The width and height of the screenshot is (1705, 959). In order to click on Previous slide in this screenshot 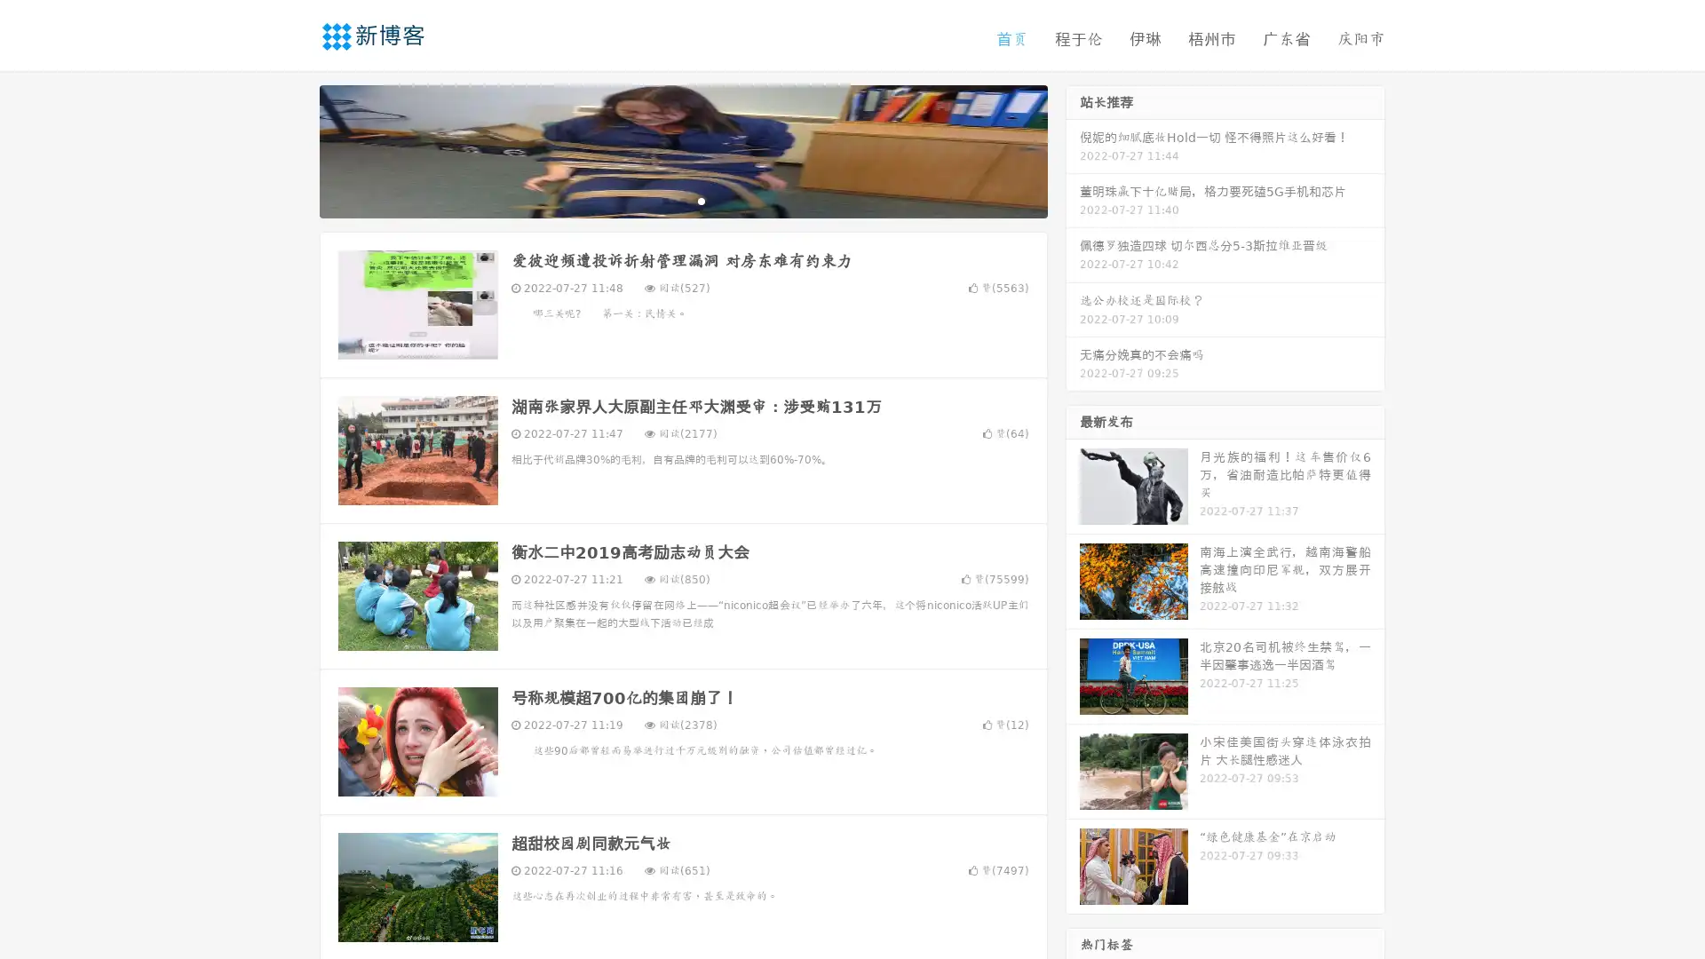, I will do `click(293, 149)`.